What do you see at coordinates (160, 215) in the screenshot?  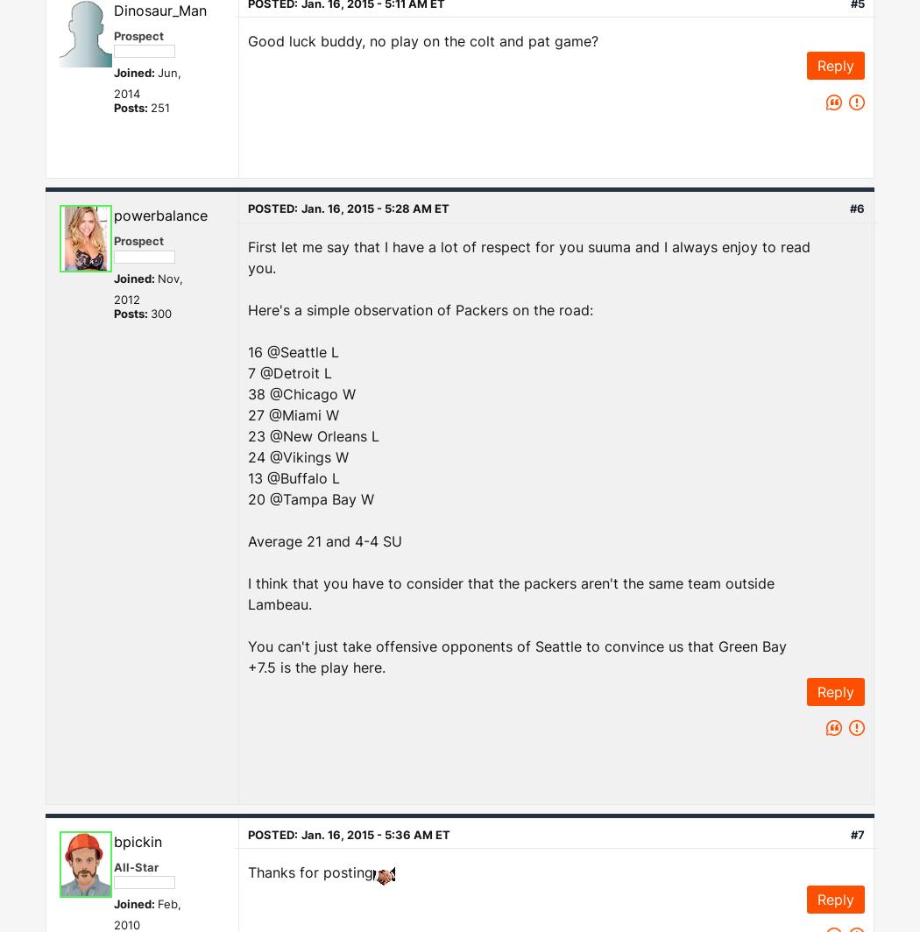 I see `'powerbalance'` at bounding box center [160, 215].